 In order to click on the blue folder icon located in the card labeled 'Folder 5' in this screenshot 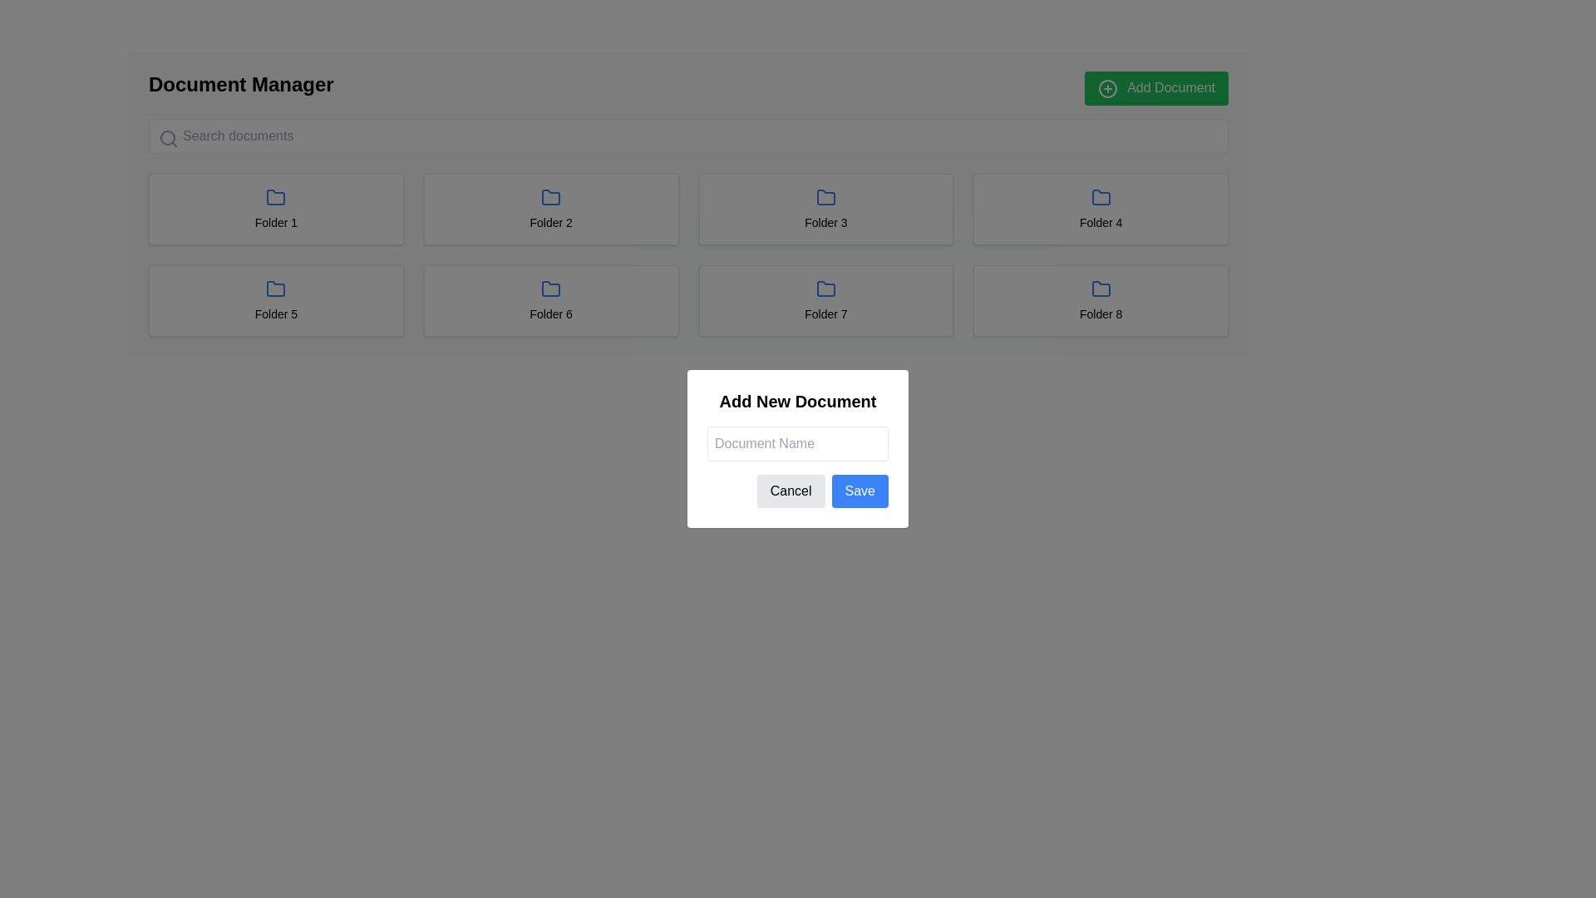, I will do `click(276, 288)`.